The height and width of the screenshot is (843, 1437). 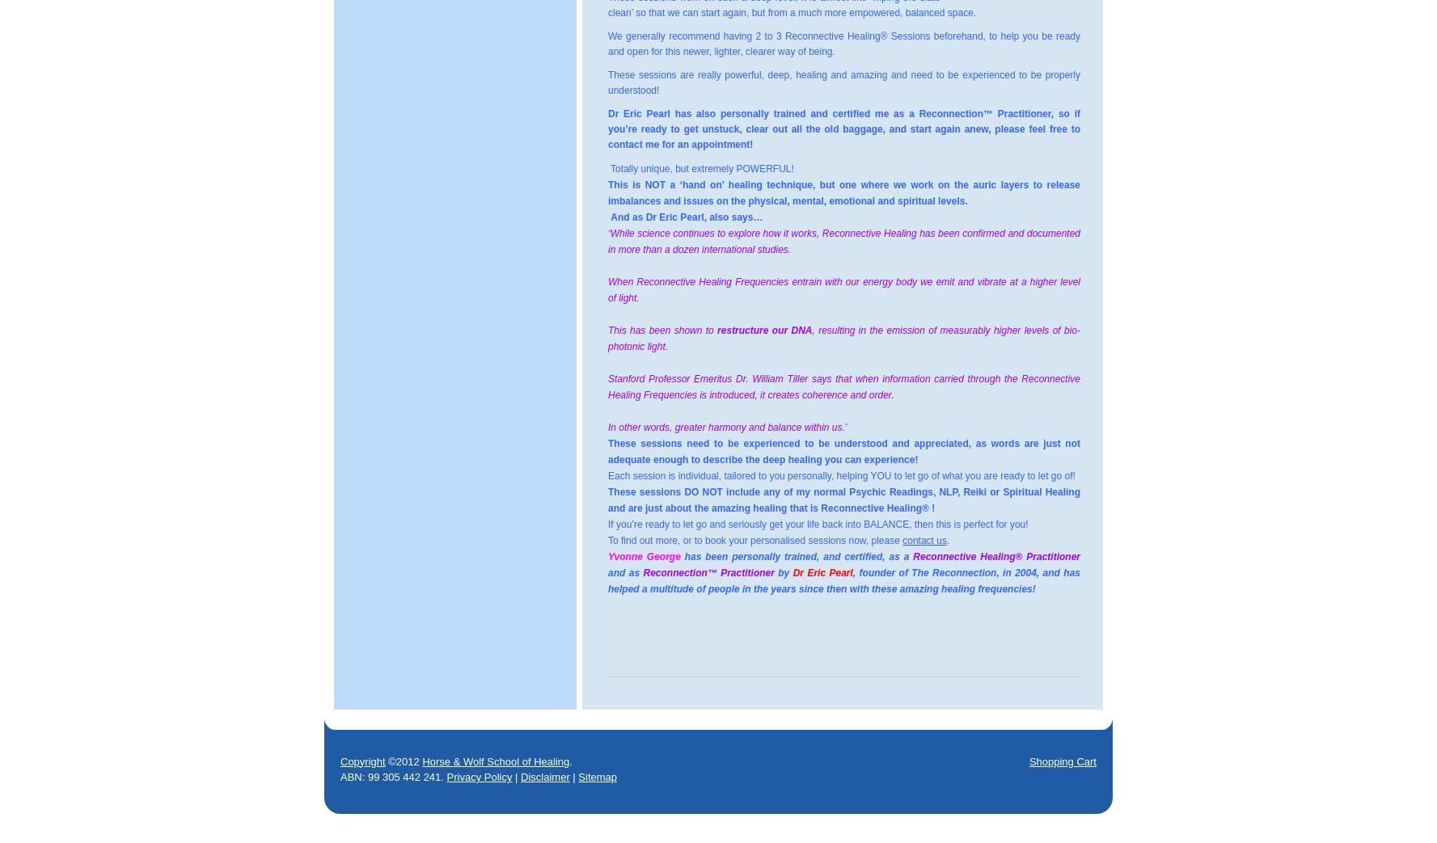 What do you see at coordinates (843, 386) in the screenshot?
I see `'Stanford Professor Emeritus Dr. William Tiller says that when information carried through the Reconnective Healing Frequencies is introduced, it creates coherence and order.'` at bounding box center [843, 386].